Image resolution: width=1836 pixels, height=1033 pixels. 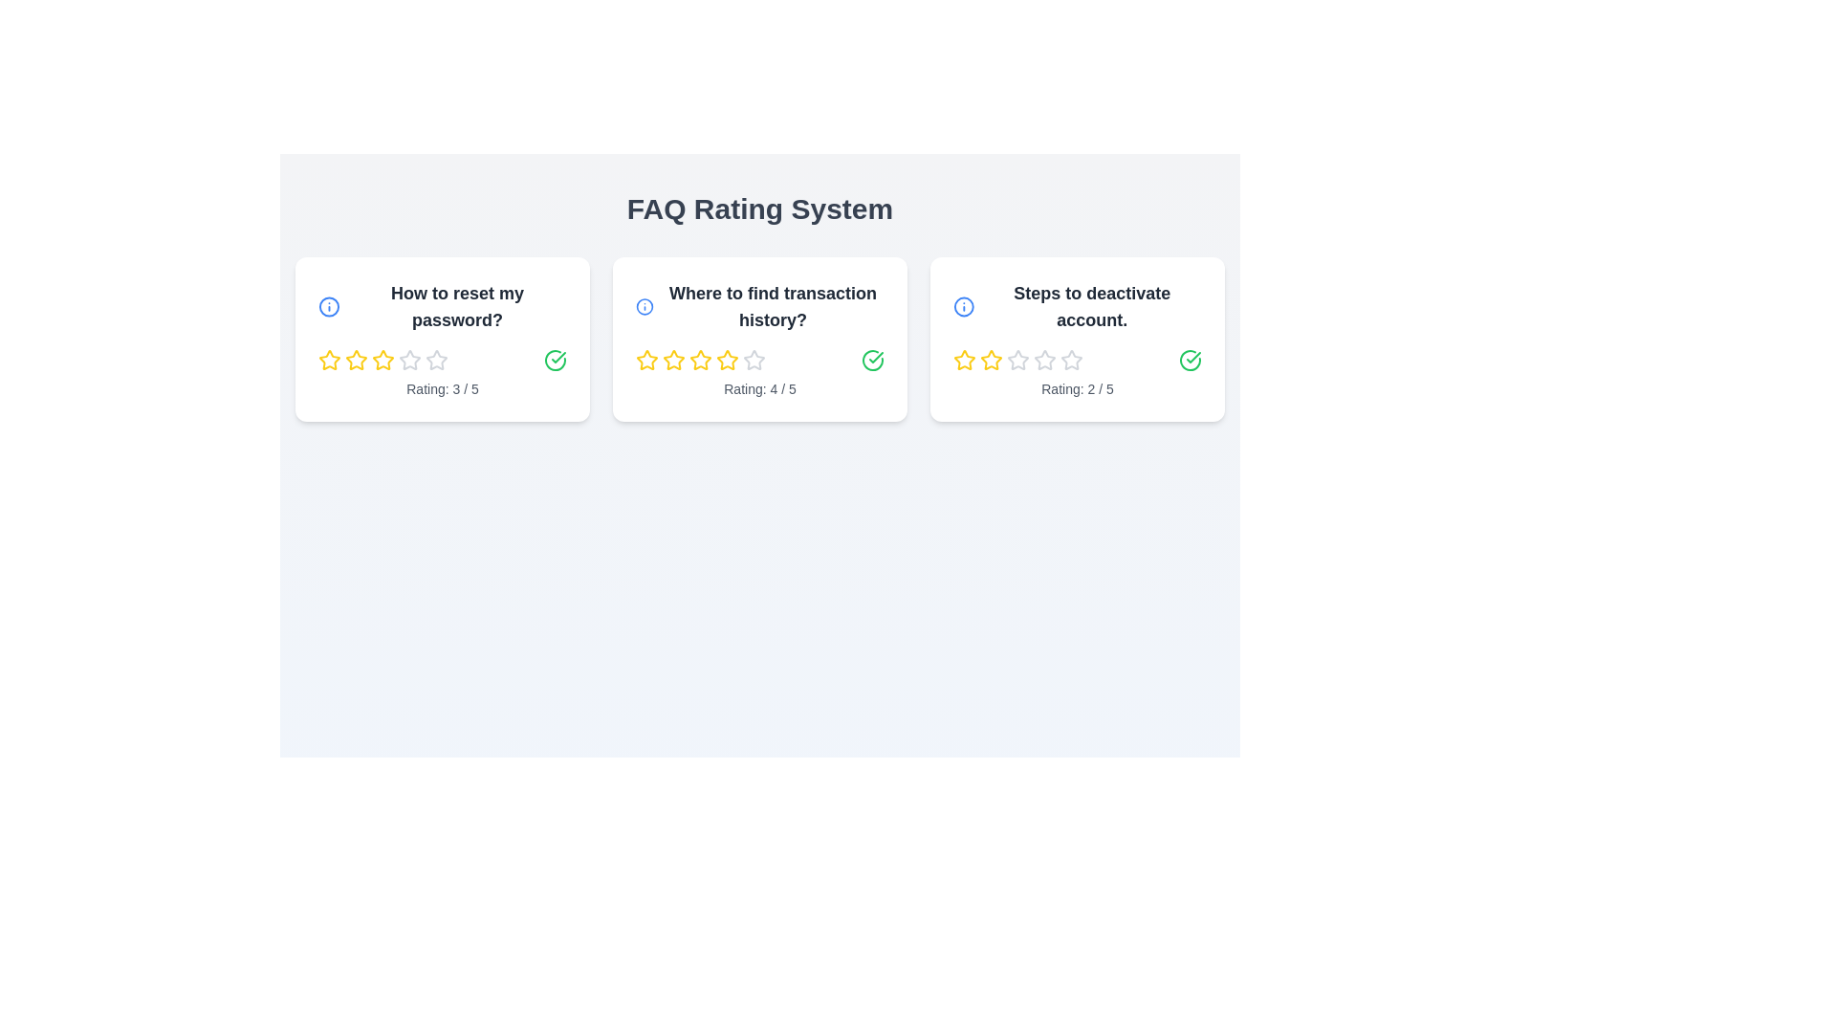 I want to click on the FAQ card with the question 'How to reset my password?', so click(x=441, y=338).